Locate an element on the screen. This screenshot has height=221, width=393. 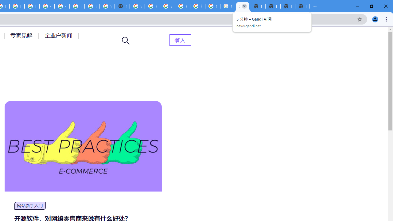
'Browse Chrome as a guest - Computer - Google Chrome Help' is located at coordinates (77, 6).